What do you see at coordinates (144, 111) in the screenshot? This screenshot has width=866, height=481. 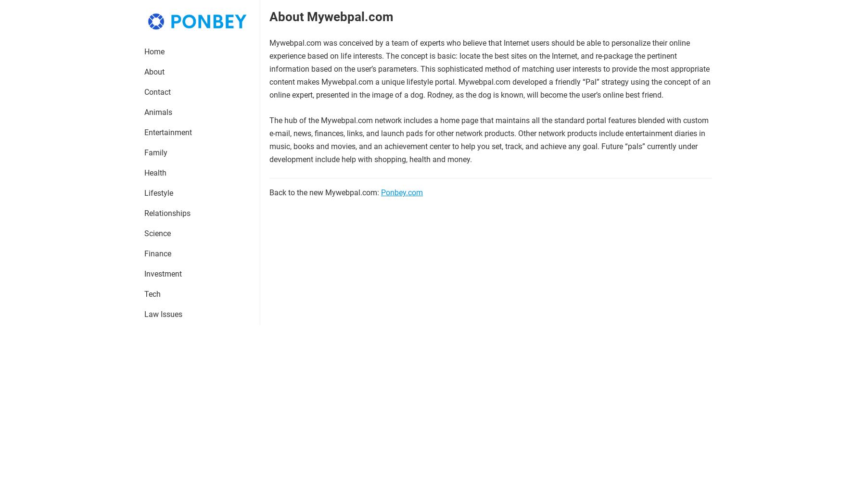 I see `'Animals'` at bounding box center [144, 111].